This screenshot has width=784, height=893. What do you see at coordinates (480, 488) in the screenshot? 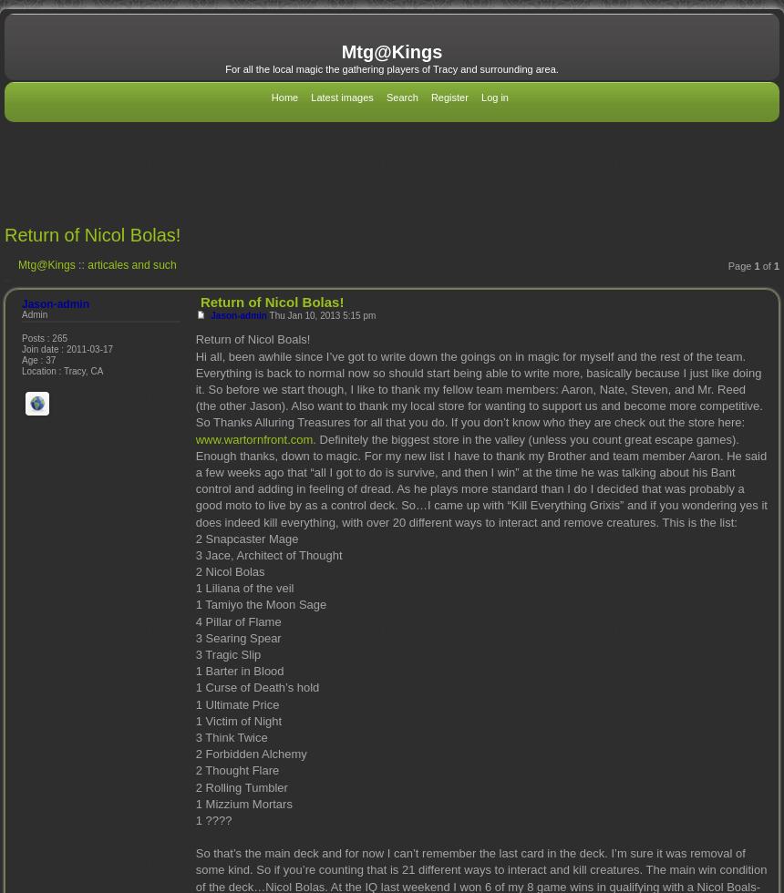
I see `'Enough thanks, down to magic.  For my new list I have to thank my Brother and team member Aaron.  He said a few weeks ago that “all I got to do is survive, and then I win” at the time he was talking about his Bant control and adding in feeling of dread.  As he plays more standard than I do I decided that was probably a good moto to live by as a control deck.  So…I came up with “Kill Everything Grixis”  and if you wondering yes it does indeed kill everything, with over 20 different ways to interact and remove creatures.  This is the list:'` at bounding box center [480, 488].